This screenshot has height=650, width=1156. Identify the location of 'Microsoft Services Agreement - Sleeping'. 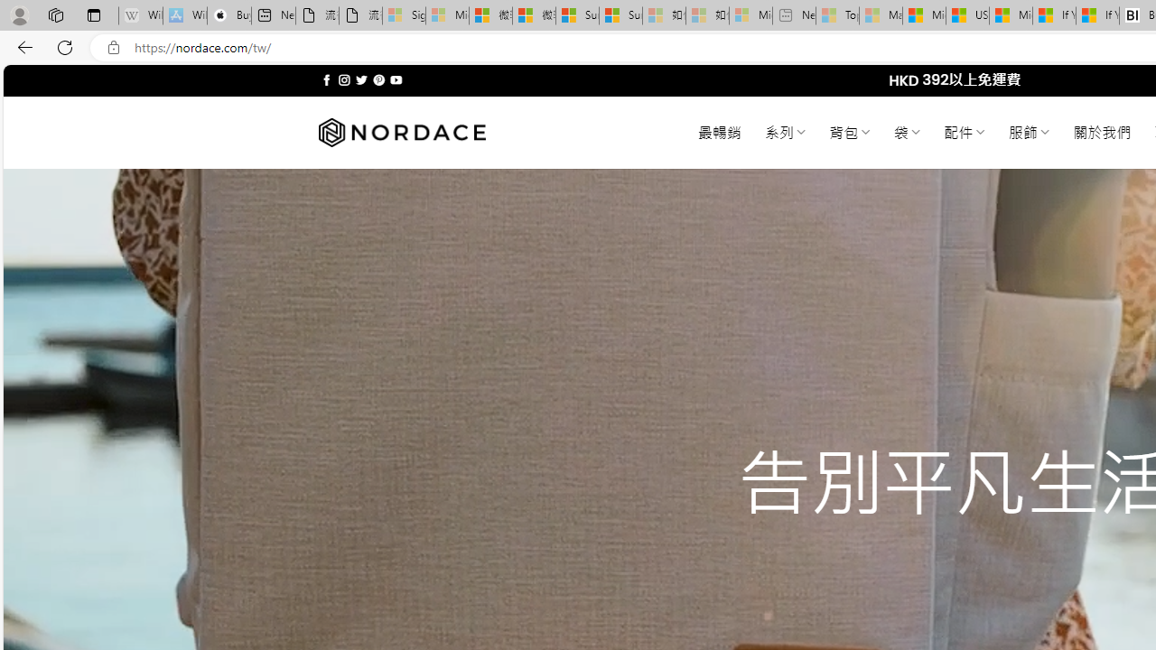
(447, 15).